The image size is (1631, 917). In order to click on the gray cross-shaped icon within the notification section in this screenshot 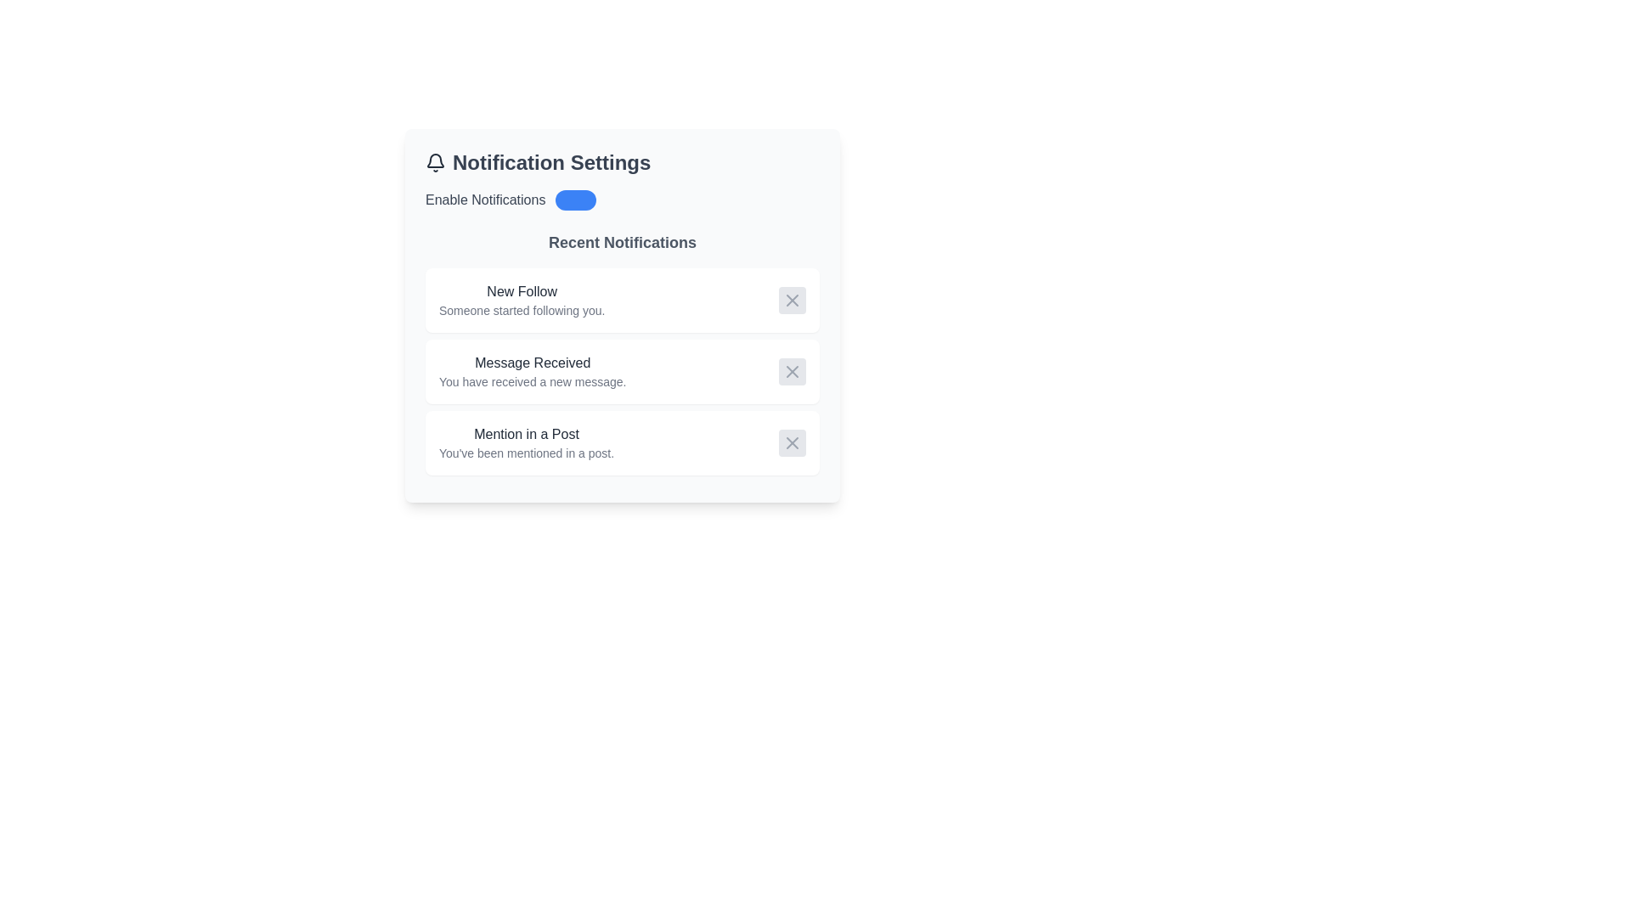, I will do `click(791, 371)`.